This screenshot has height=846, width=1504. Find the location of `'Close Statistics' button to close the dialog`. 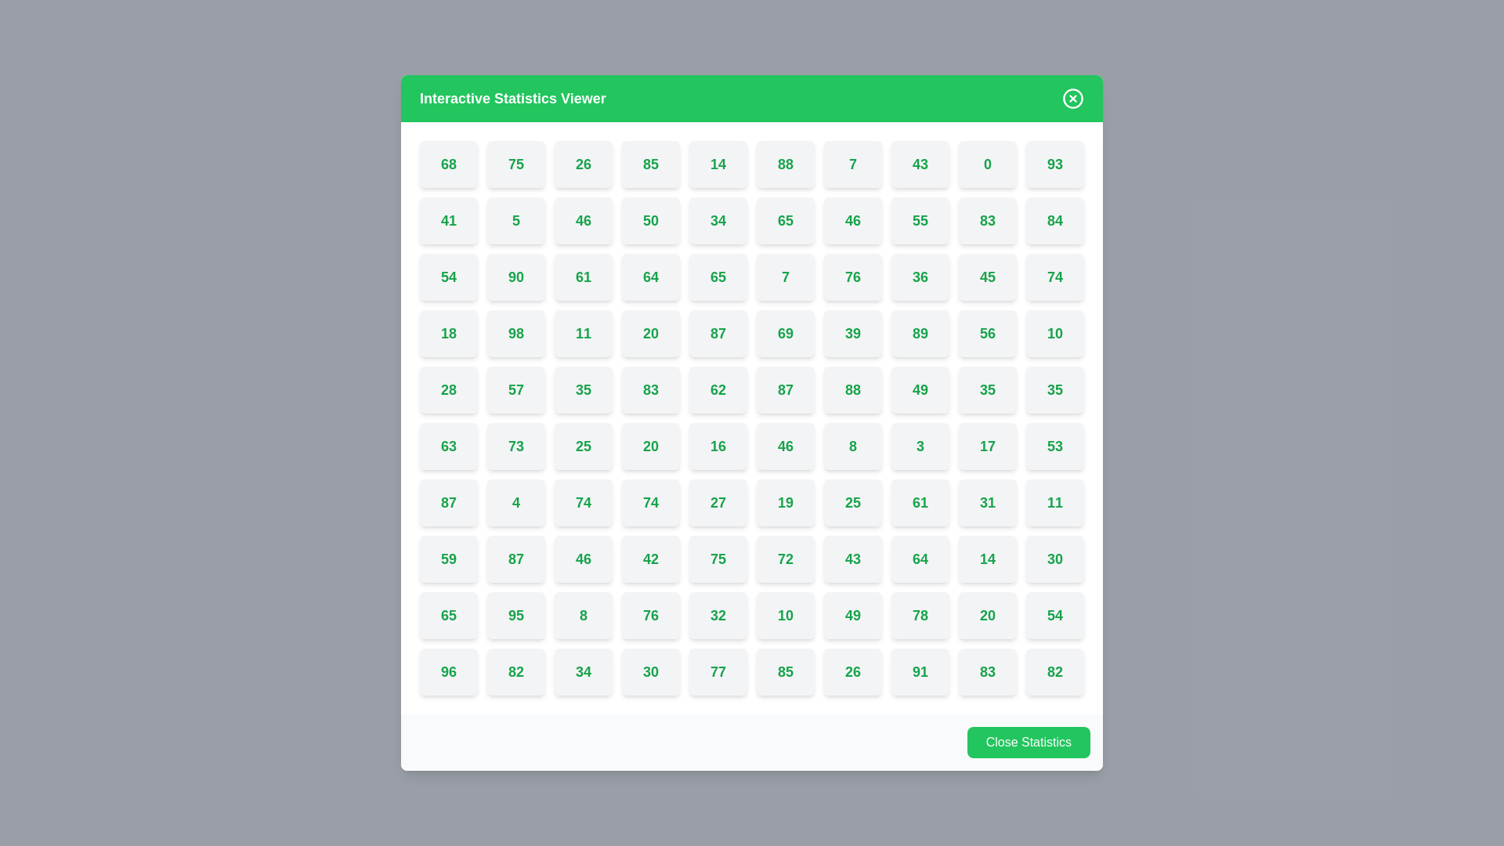

'Close Statistics' button to close the dialog is located at coordinates (1029, 742).